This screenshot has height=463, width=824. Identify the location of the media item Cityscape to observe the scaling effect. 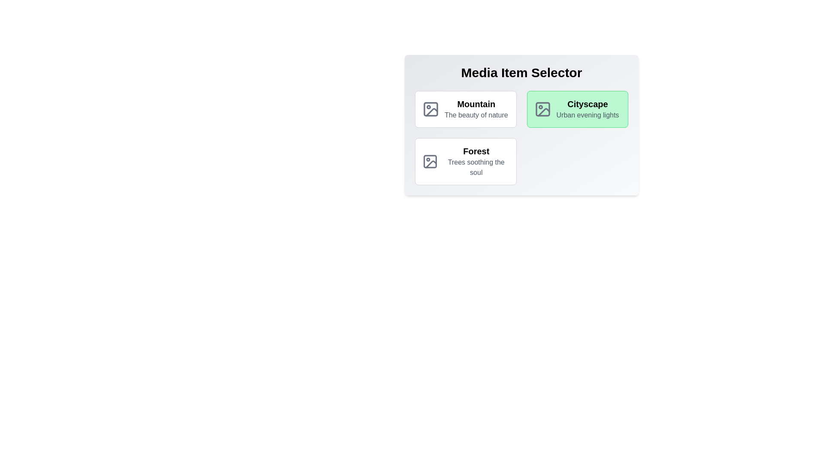
(577, 108).